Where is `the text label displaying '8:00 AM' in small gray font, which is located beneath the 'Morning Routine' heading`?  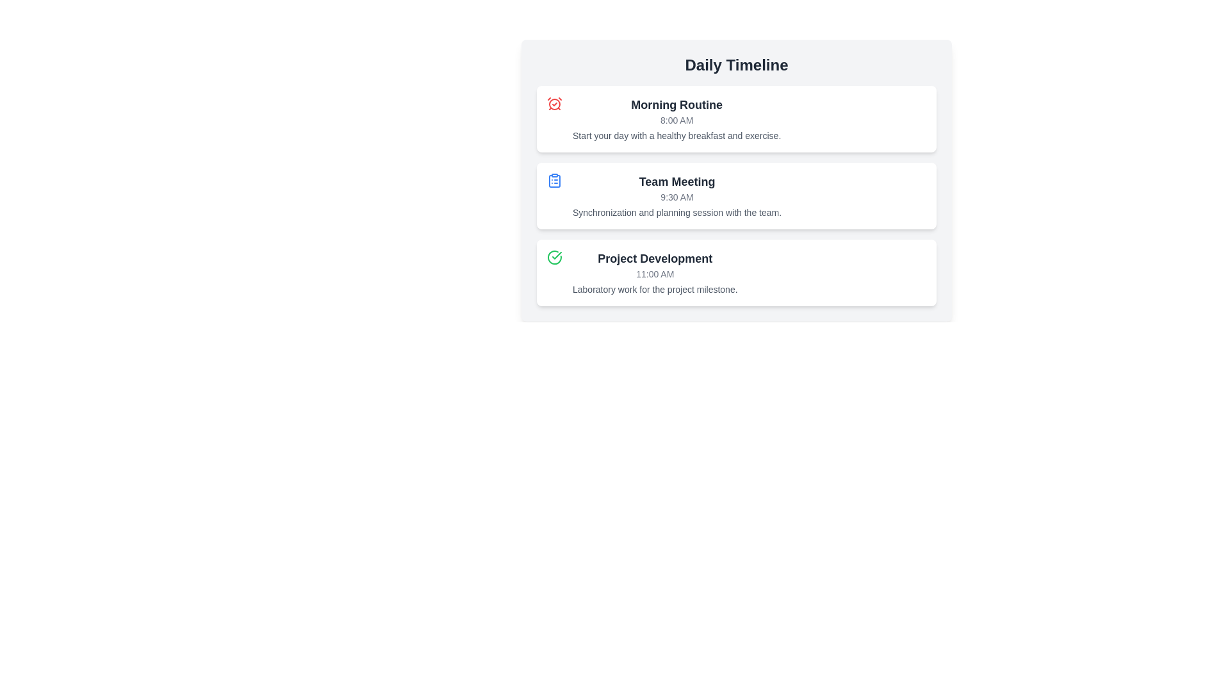
the text label displaying '8:00 AM' in small gray font, which is located beneath the 'Morning Routine' heading is located at coordinates (676, 120).